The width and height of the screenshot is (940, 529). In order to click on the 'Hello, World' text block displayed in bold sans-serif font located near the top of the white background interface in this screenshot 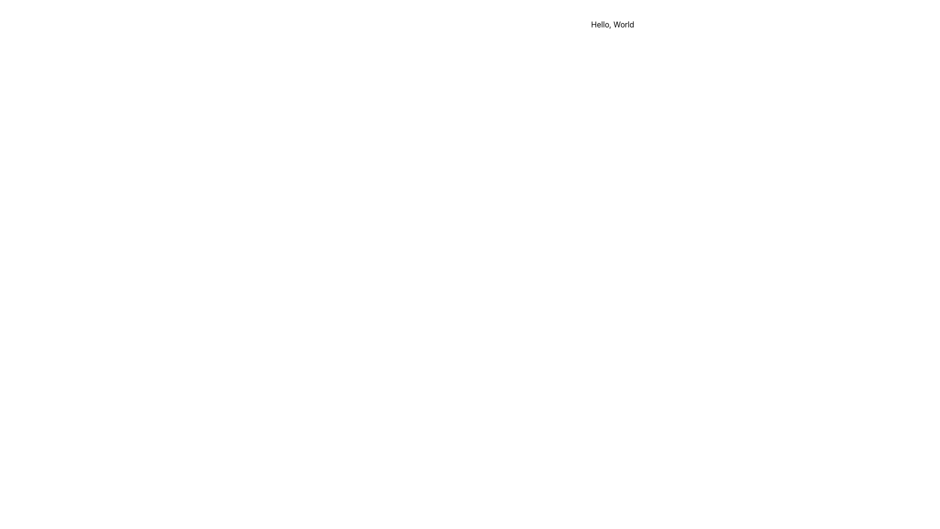, I will do `click(612, 24)`.